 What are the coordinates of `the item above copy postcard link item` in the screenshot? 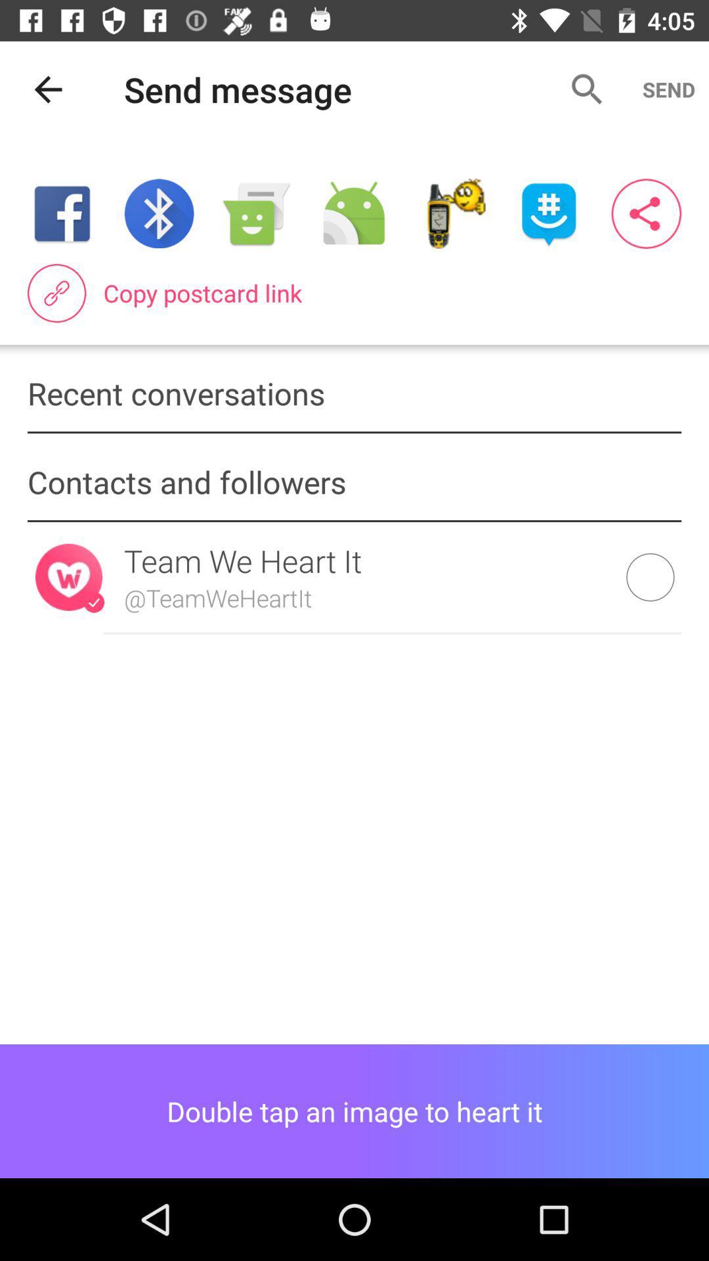 It's located at (645, 213).